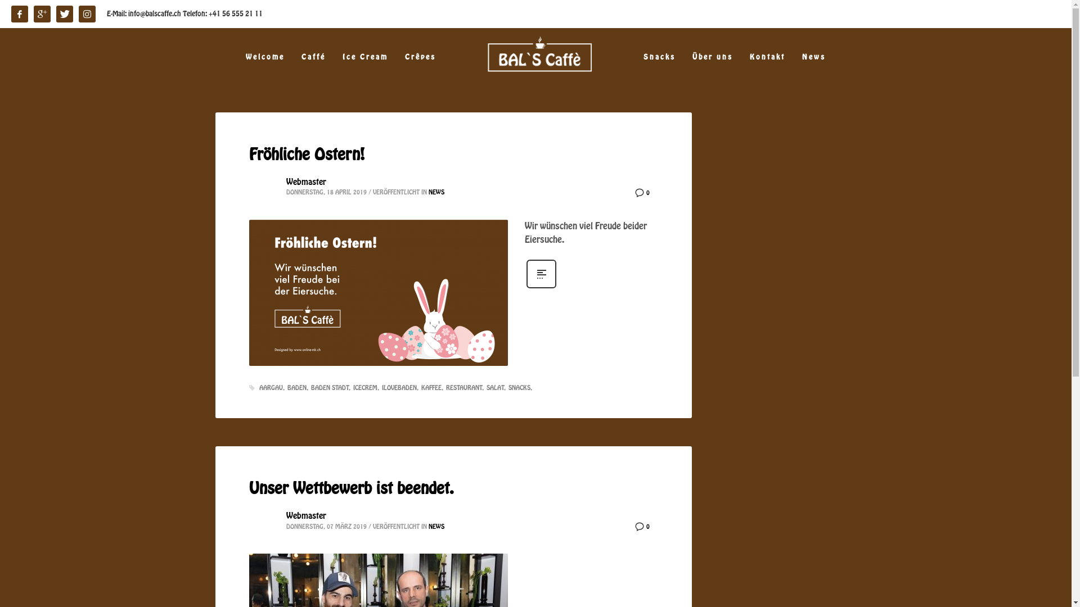  What do you see at coordinates (264, 57) in the screenshot?
I see `'Welcome'` at bounding box center [264, 57].